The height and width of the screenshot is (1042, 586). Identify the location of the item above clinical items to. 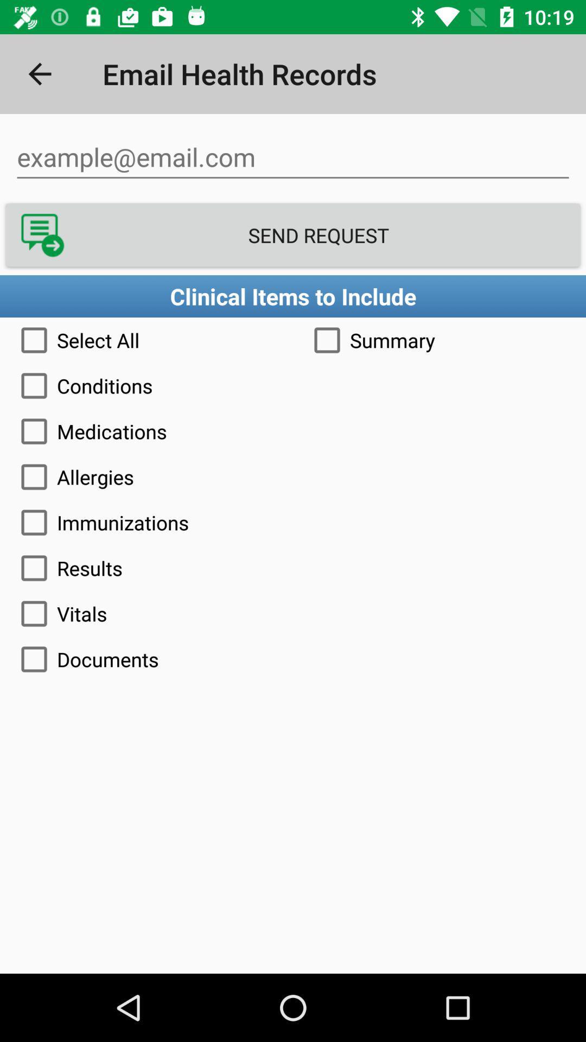
(293, 234).